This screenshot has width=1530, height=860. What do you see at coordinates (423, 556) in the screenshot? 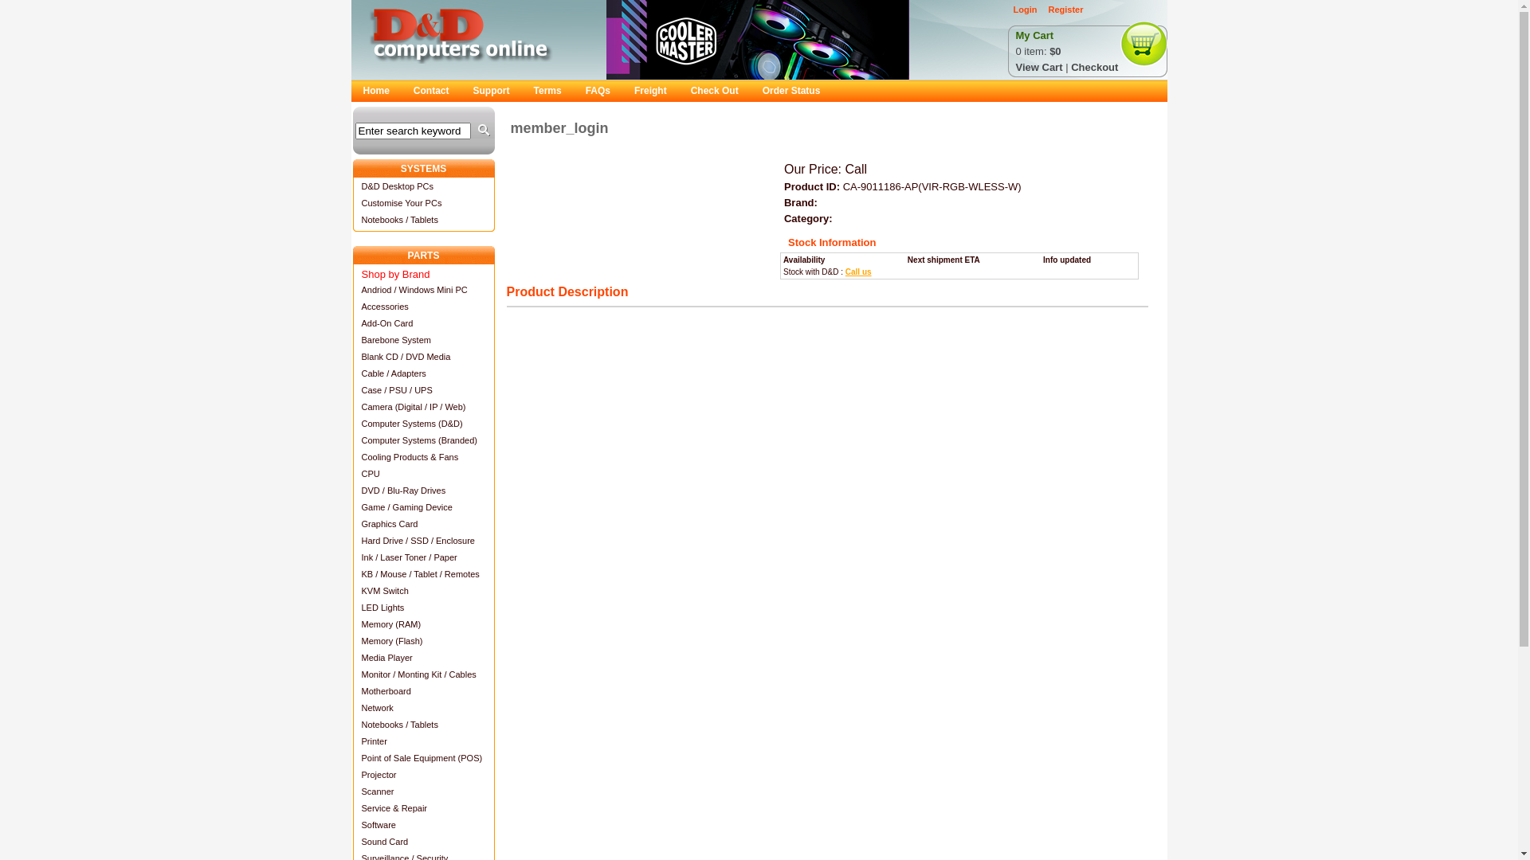
I see `'Ink / Laser Toner / Paper'` at bounding box center [423, 556].